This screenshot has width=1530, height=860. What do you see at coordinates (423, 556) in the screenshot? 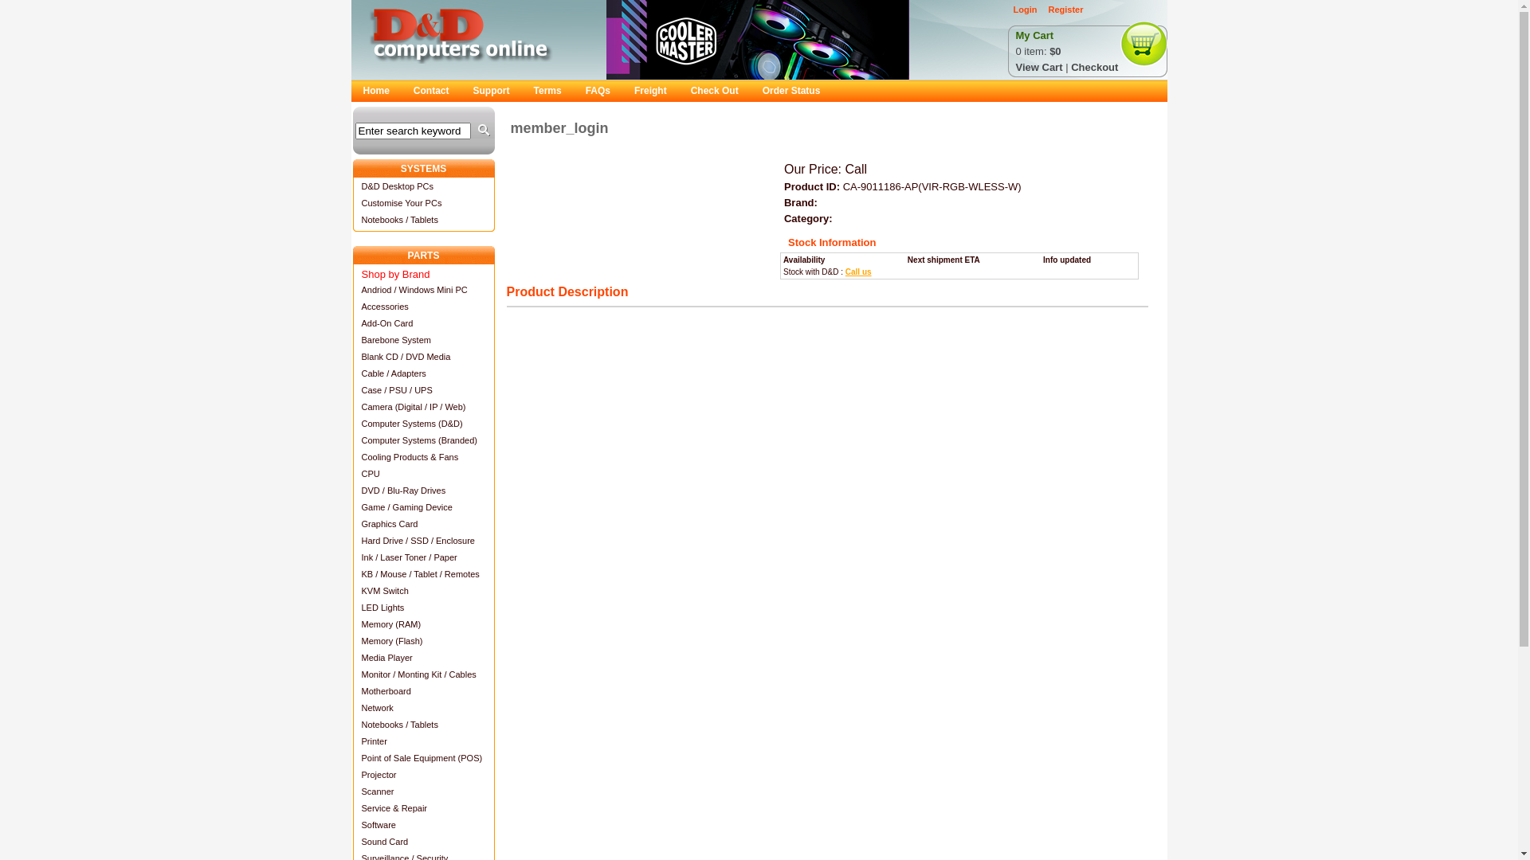
I see `'Ink / Laser Toner / Paper'` at bounding box center [423, 556].